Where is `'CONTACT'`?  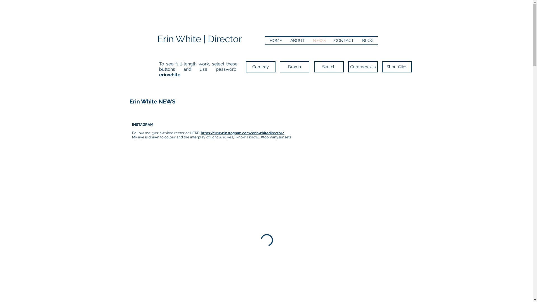 'CONTACT' is located at coordinates (343, 40).